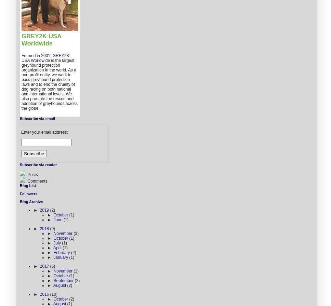 The height and width of the screenshot is (306, 331). I want to click on 'Formed in 2001,', so click(37, 55).